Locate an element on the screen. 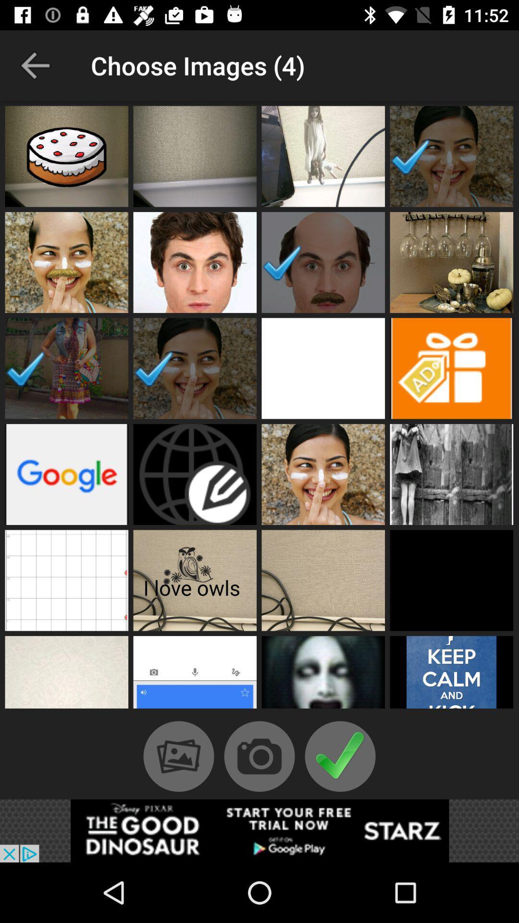 This screenshot has width=519, height=923. choose image is located at coordinates (451, 580).